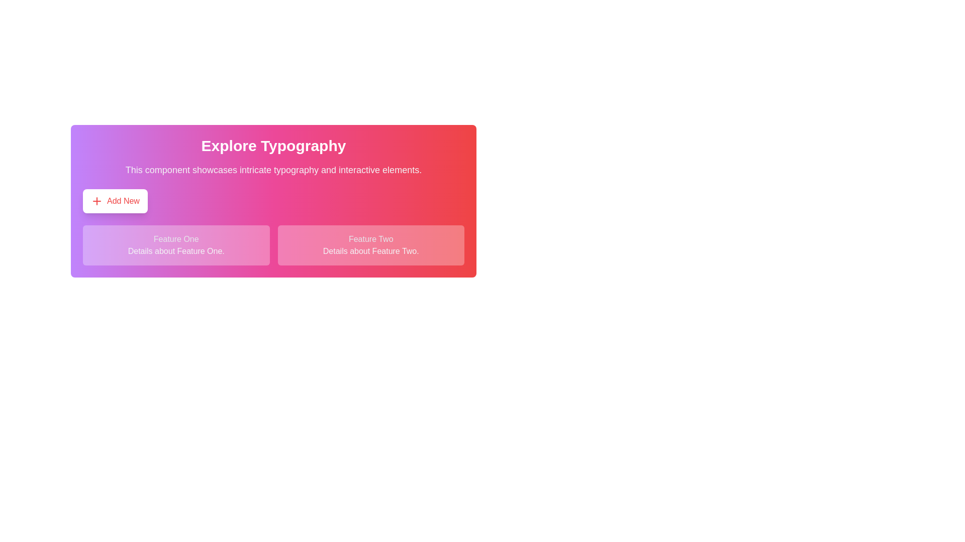 Image resolution: width=965 pixels, height=542 pixels. Describe the element at coordinates (273, 170) in the screenshot. I see `the text block containing 'This component showcases intricate typography and interactive elements.', which is styled with a light gray color and larger font size, positioned below the header 'Explore Typography'` at that location.